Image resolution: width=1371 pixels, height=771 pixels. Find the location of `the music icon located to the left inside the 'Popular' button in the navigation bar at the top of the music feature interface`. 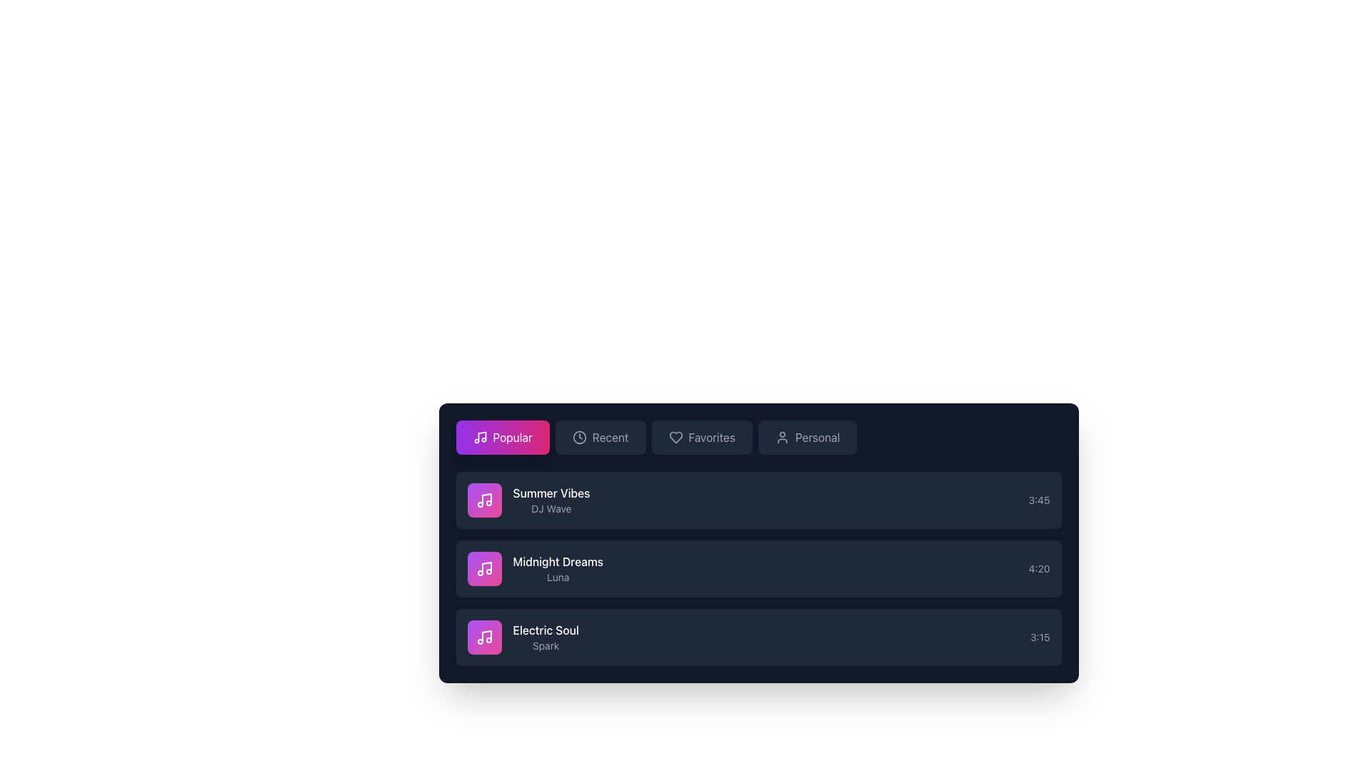

the music icon located to the left inside the 'Popular' button in the navigation bar at the top of the music feature interface is located at coordinates (480, 437).